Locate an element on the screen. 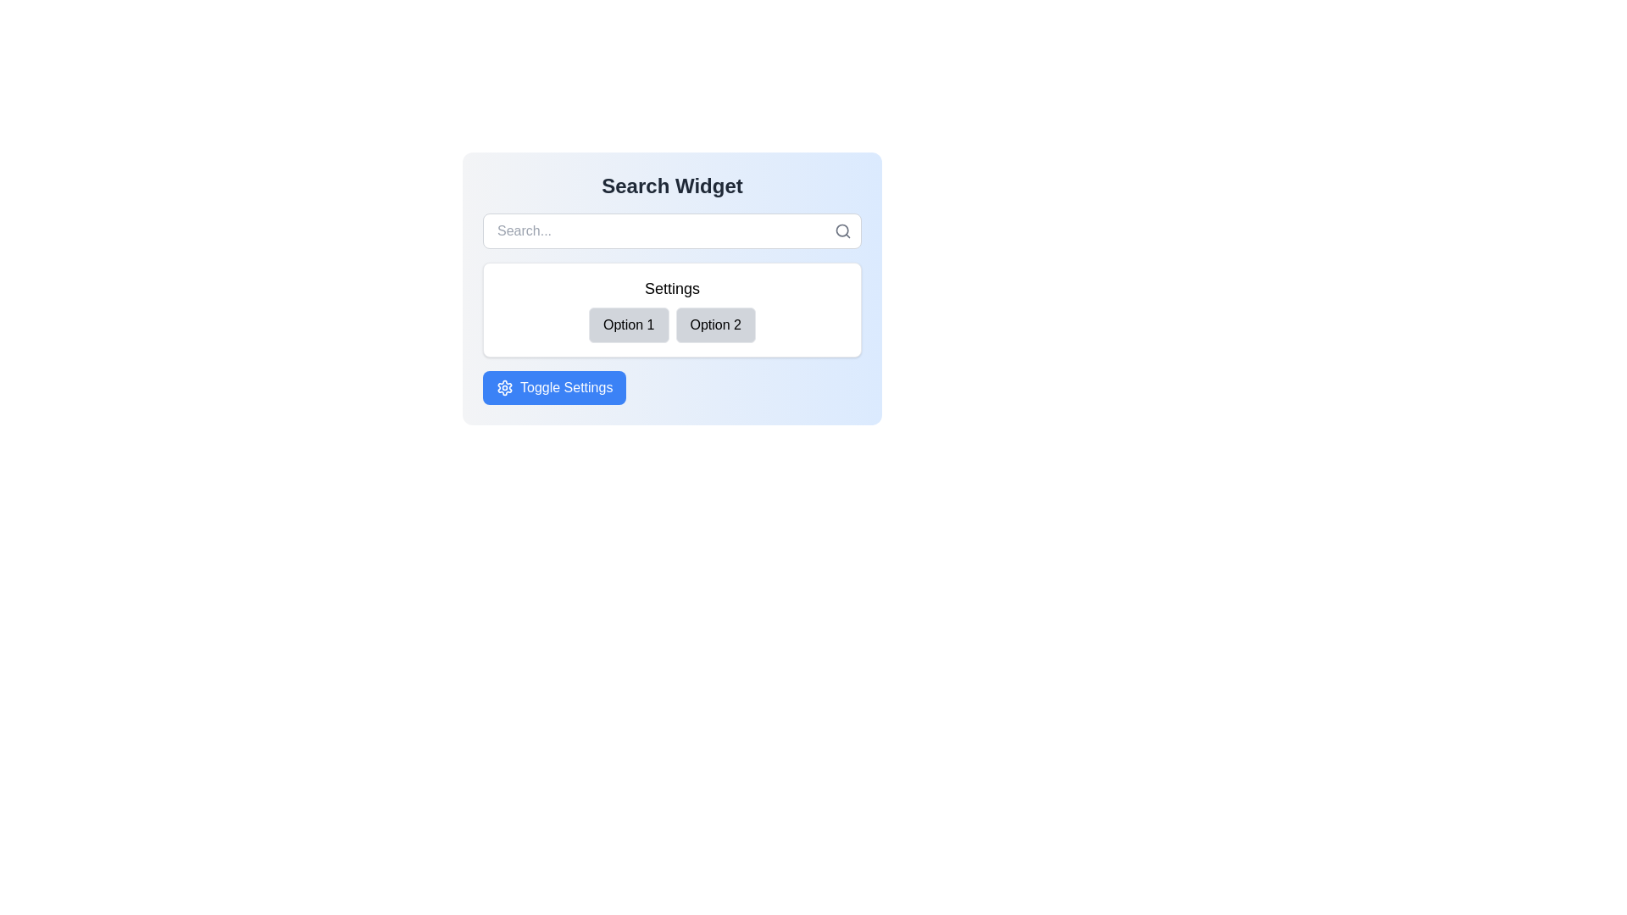 Image resolution: width=1627 pixels, height=915 pixels. the 'Option 1' button located in the settings section is located at coordinates (628, 325).